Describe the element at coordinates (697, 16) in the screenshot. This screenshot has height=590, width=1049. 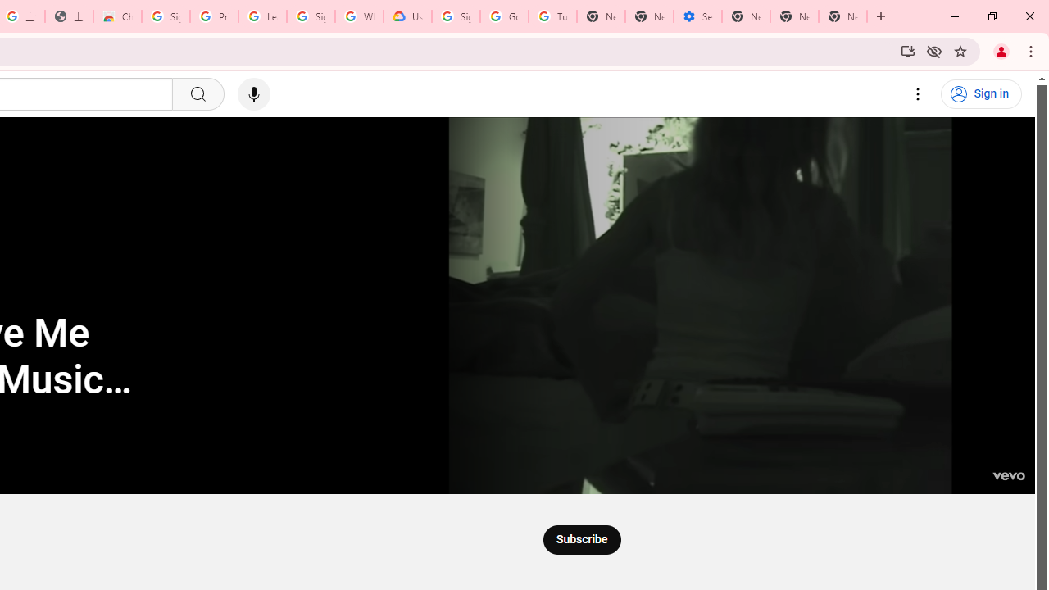
I see `'Settings - Addresses and more'` at that location.